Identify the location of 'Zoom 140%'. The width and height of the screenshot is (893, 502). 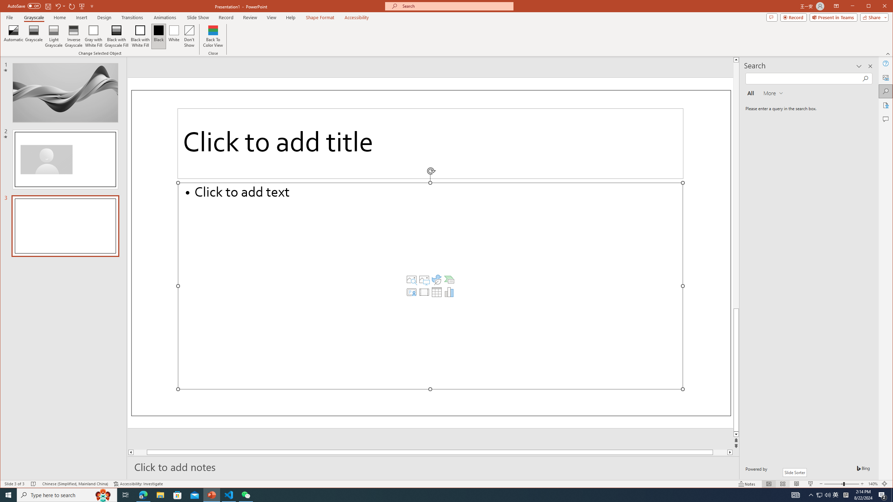
(873, 484).